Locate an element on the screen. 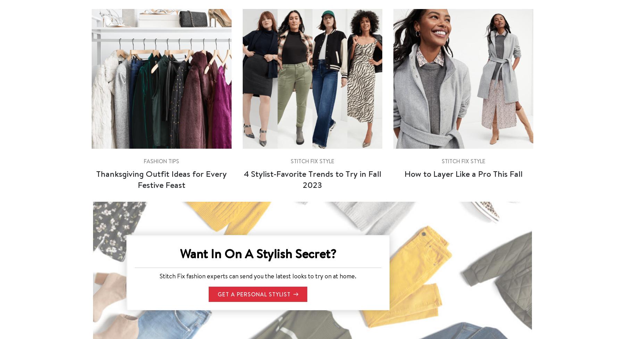 This screenshot has width=625, height=339. 'Want In On A Stylish Secret?' is located at coordinates (180, 253).